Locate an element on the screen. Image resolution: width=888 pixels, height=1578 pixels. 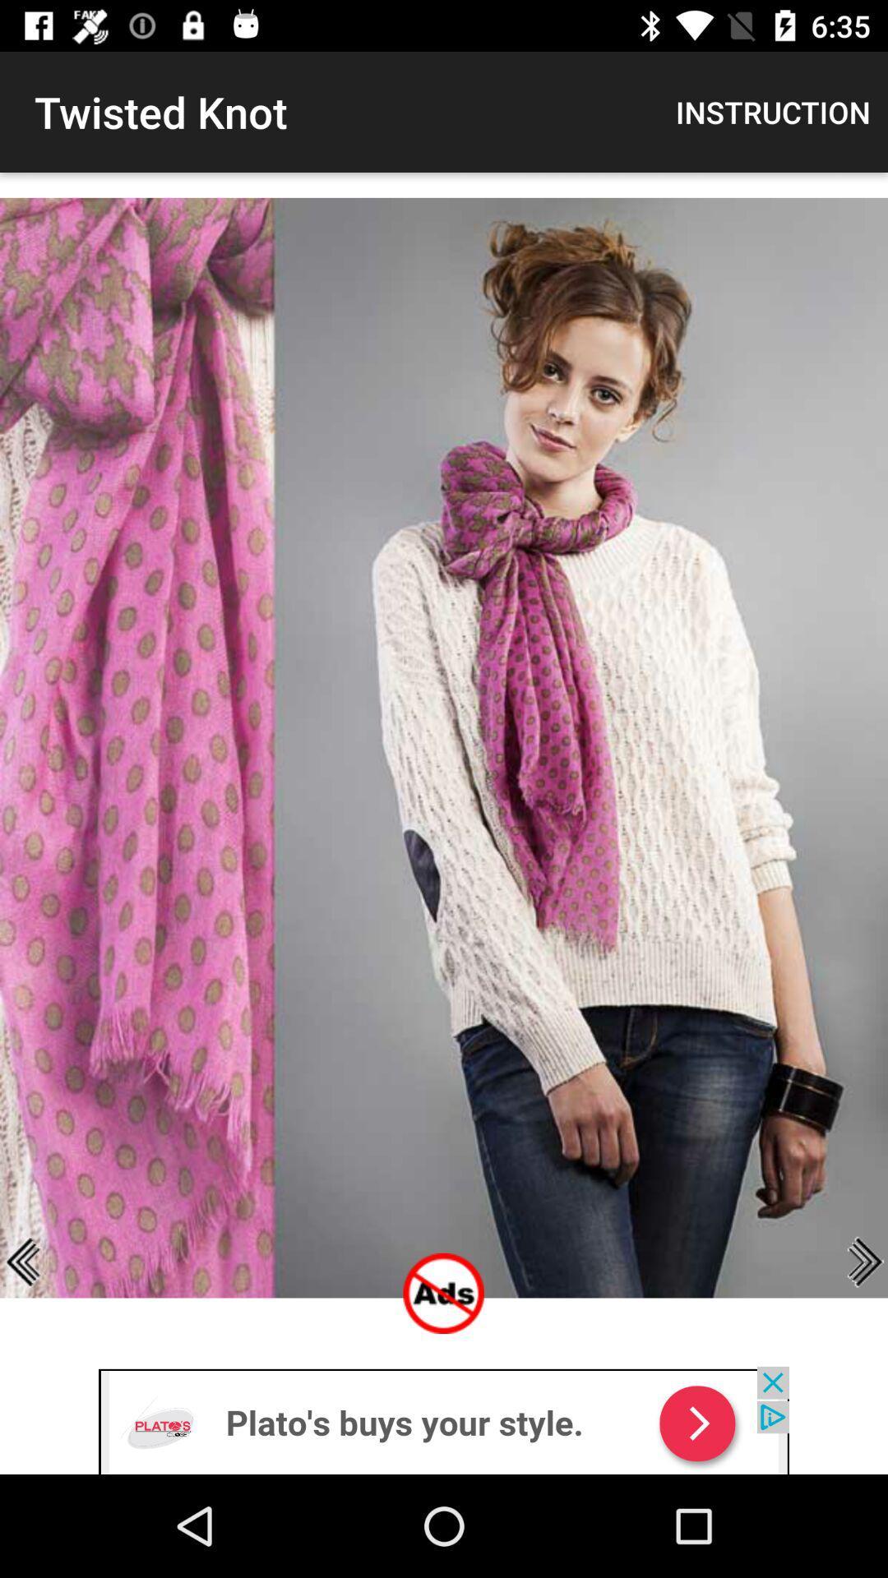
instruction item is located at coordinates (773, 111).